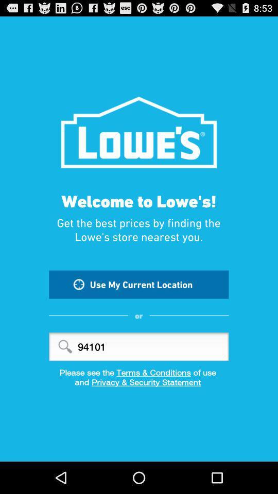  Describe the element at coordinates (138, 346) in the screenshot. I see `icon above the please see the` at that location.